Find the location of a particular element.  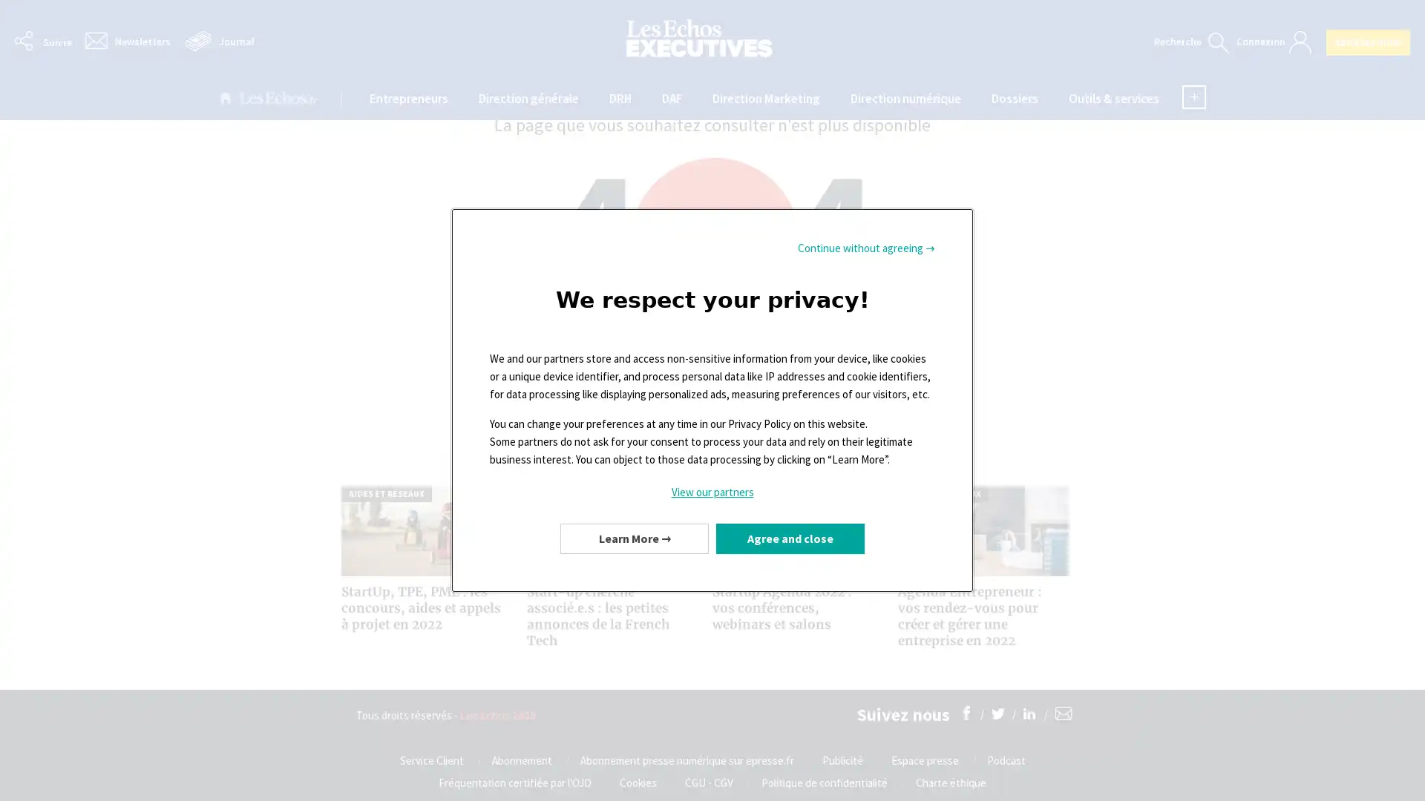

Agree to our data processing and close is located at coordinates (790, 538).